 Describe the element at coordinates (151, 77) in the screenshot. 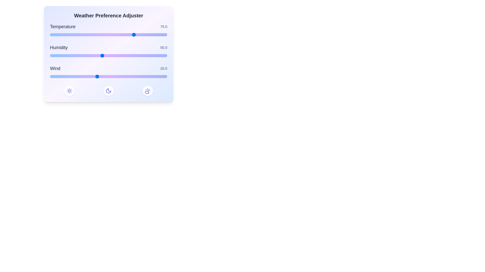

I see `wind preference` at that location.